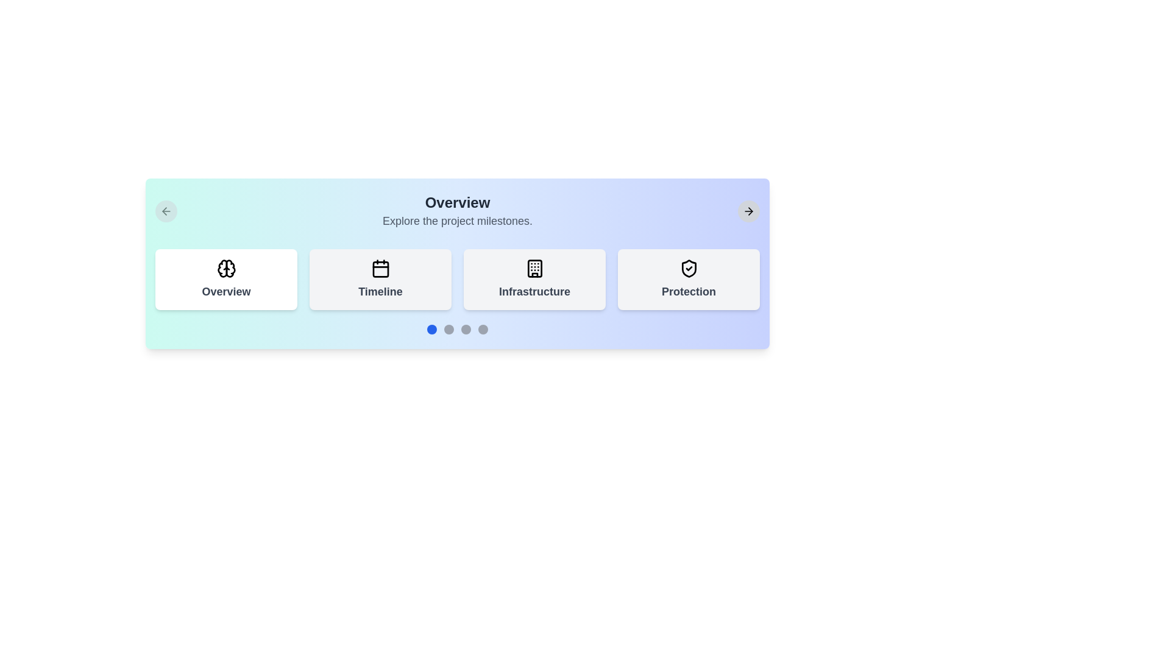 The image size is (1170, 658). I want to click on the Vector graphic icon integrated into the button component located at the upper left corner of the blue gradient rectangle card to observe UI feedback, so click(166, 211).